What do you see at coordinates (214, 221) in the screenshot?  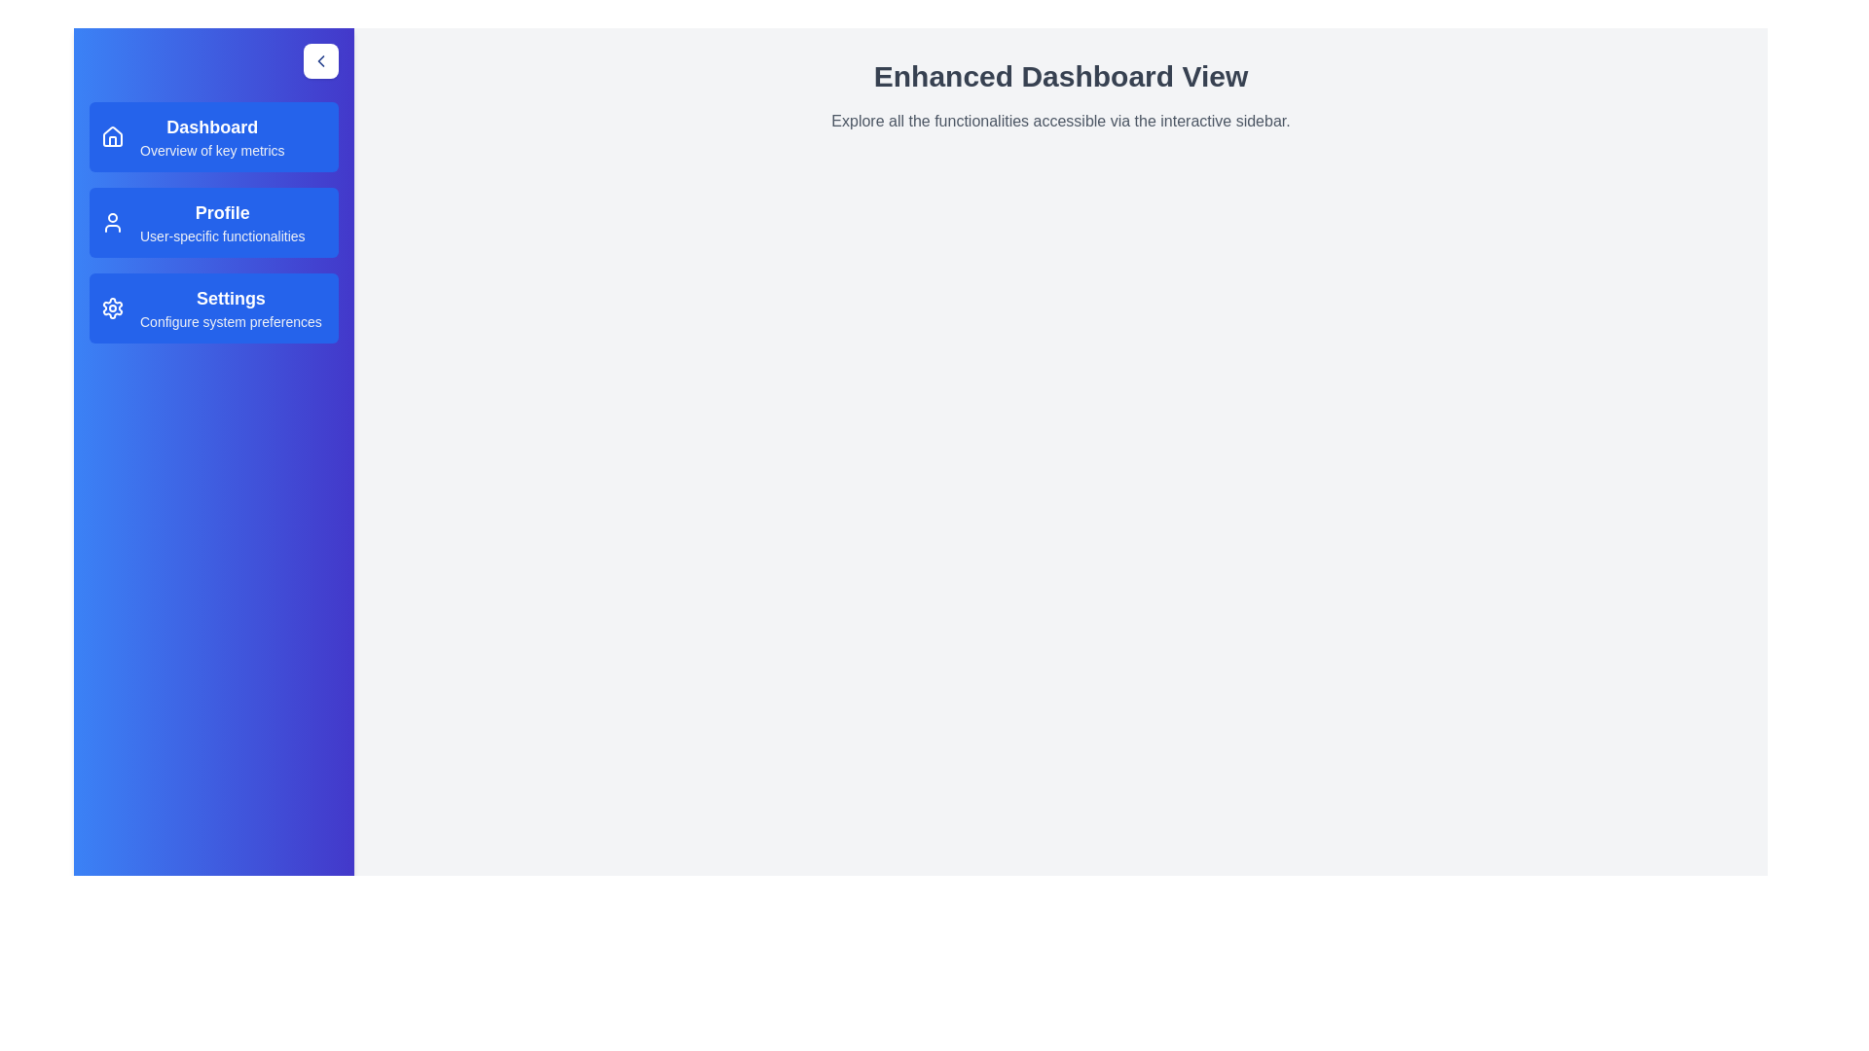 I see `the menu option Profile from the sidebar` at bounding box center [214, 221].